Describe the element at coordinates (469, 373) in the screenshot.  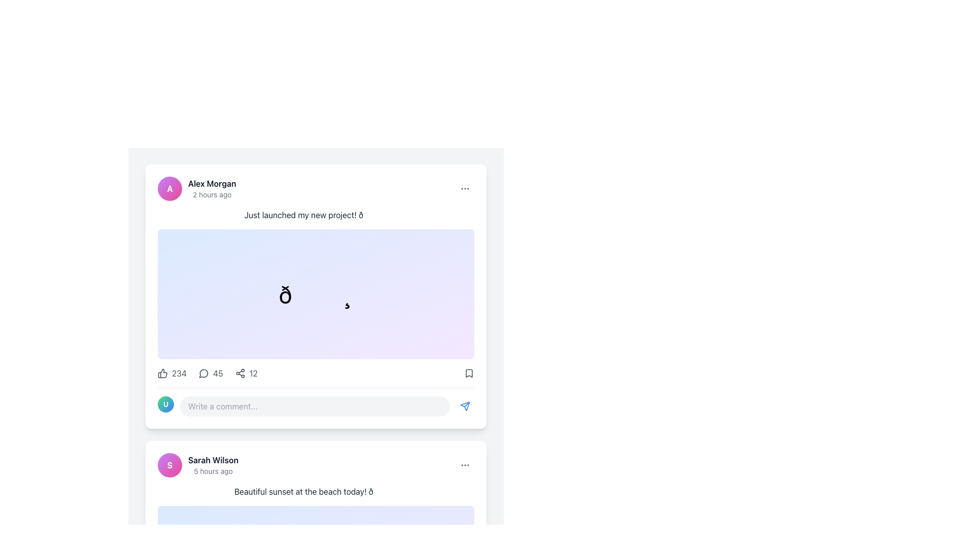
I see `the bookmarking Icon button located at the bottom-right corner of the post` at that location.